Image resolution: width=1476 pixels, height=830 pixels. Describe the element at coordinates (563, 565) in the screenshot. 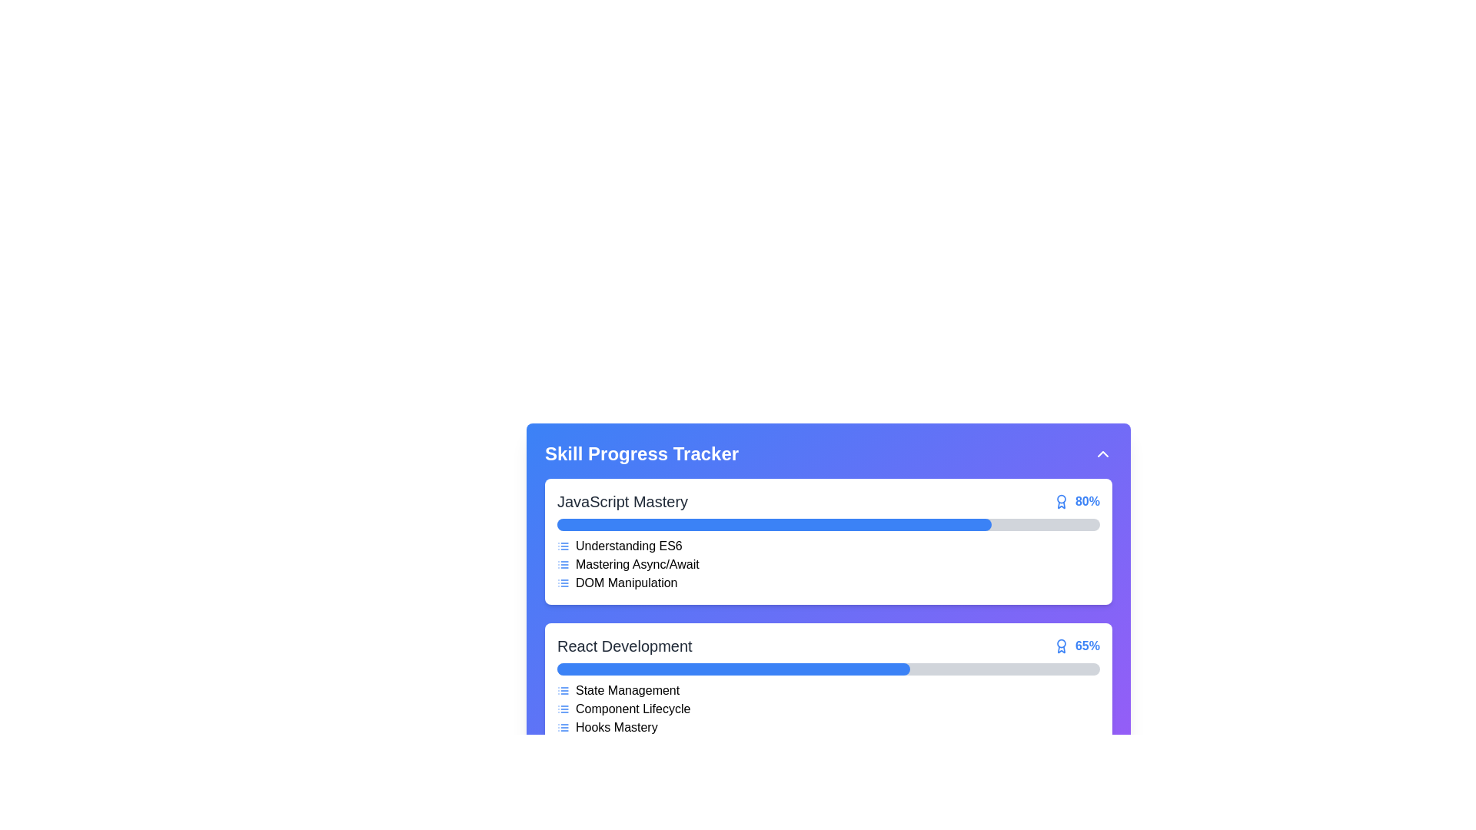

I see `the small blue bulleted list icon located to the left of the text 'Mastering Async/Await' in the 'JavaScript Mastery' section of the 'Skill Progress Tracker'` at that location.